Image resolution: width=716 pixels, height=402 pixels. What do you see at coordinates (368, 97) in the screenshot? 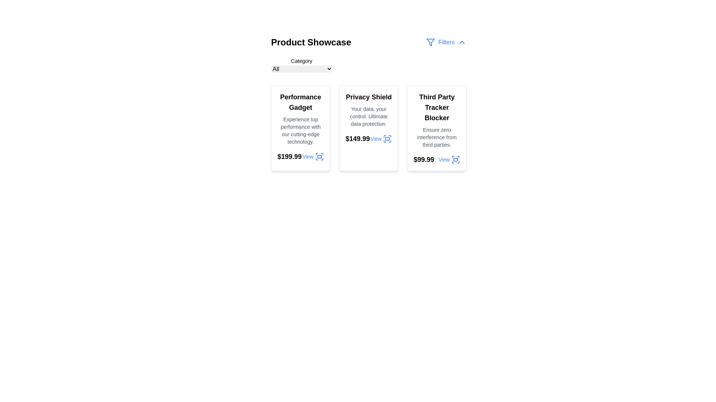
I see `the 'Privacy Shield' text label, which is a bold and prominent title located at the top of the second card in a row of three cards` at bounding box center [368, 97].